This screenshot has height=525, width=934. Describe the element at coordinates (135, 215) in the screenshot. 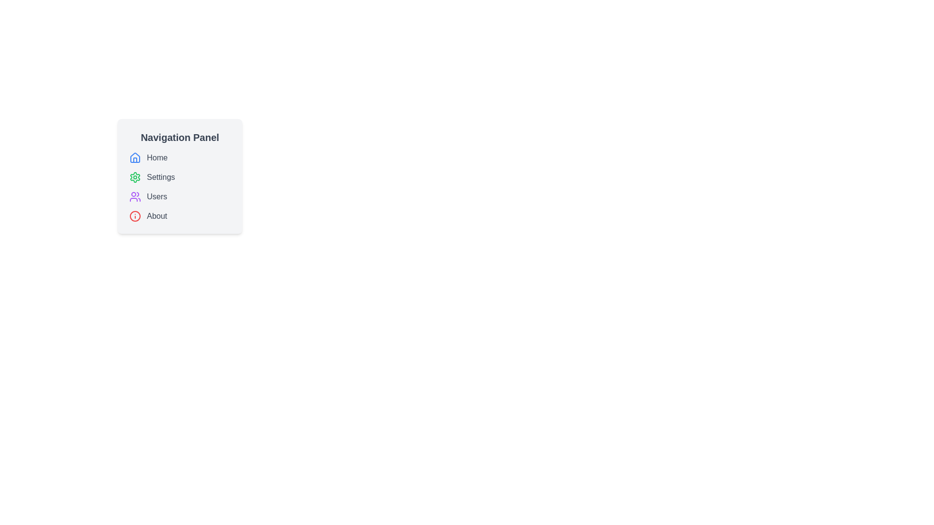

I see `the visual representation of the circular SVG graphic with a red boundary located in the 'About' option of the navigation panel` at that location.